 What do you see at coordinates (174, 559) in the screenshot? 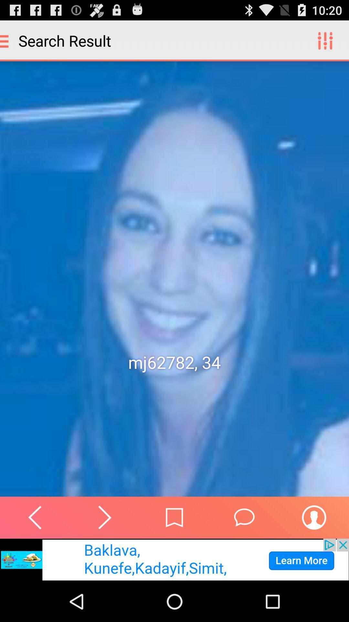
I see `visit advertiser` at bounding box center [174, 559].